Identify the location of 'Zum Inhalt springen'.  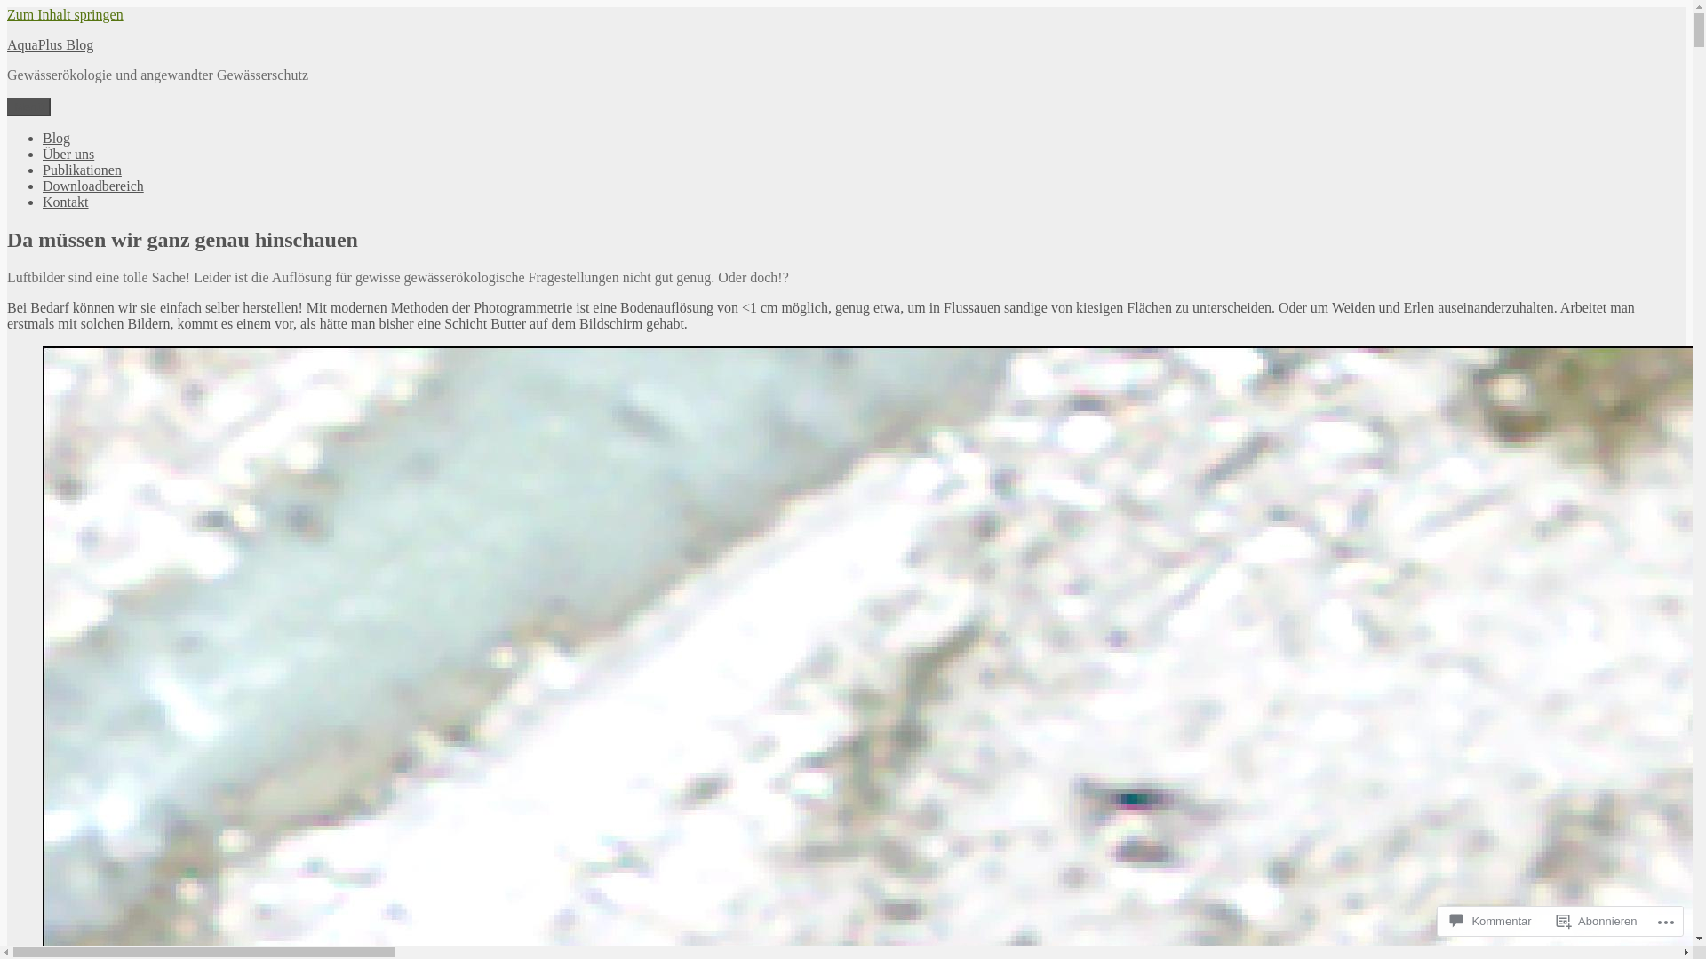
(65, 14).